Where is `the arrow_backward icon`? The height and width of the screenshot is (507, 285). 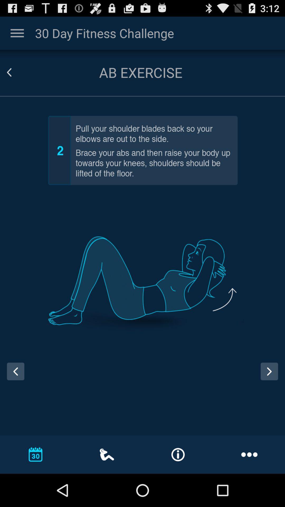
the arrow_backward icon is located at coordinates (13, 402).